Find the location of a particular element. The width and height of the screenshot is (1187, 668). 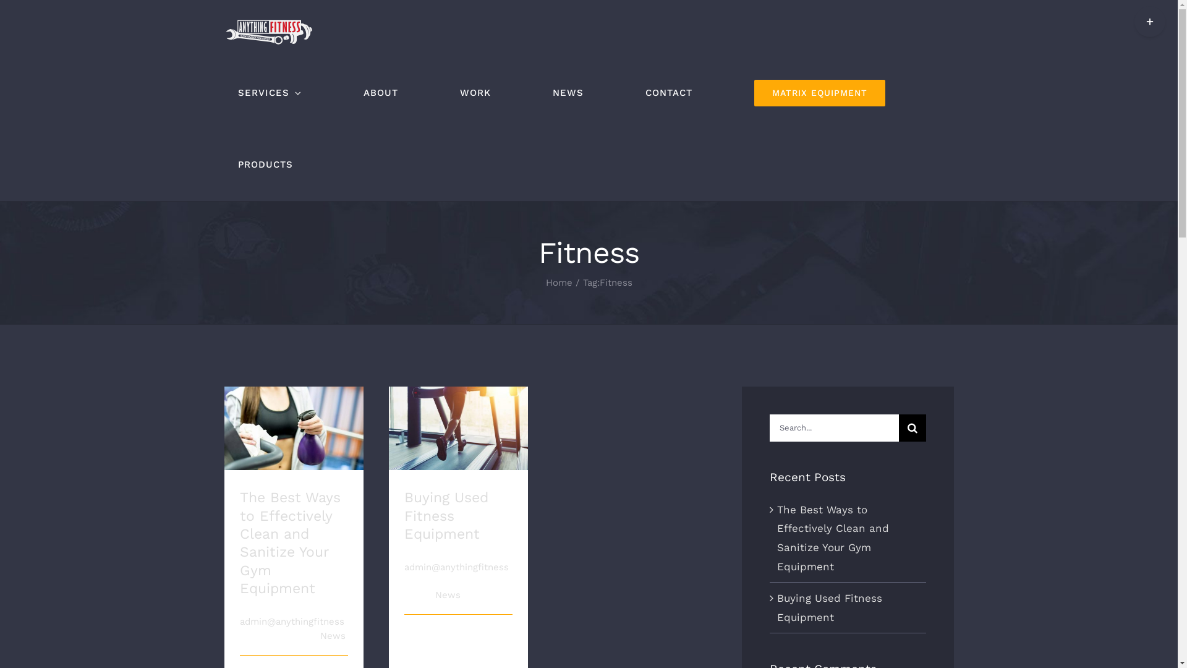

'CONTACT' is located at coordinates (668, 92).